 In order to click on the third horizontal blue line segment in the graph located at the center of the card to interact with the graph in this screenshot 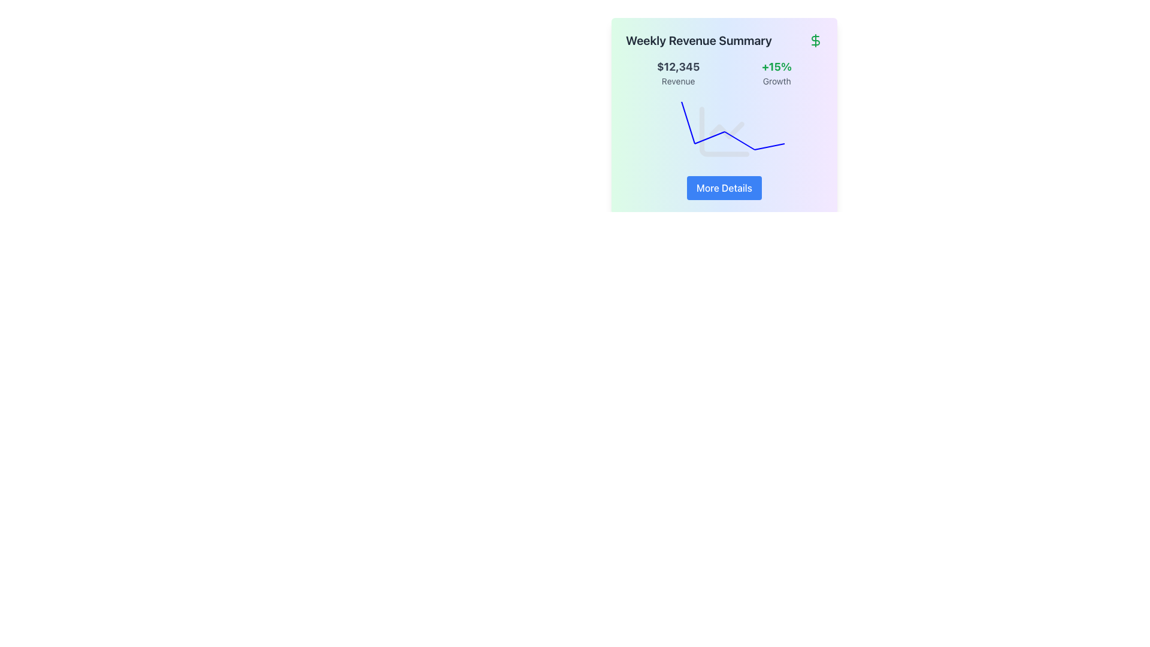, I will do `click(709, 137)`.